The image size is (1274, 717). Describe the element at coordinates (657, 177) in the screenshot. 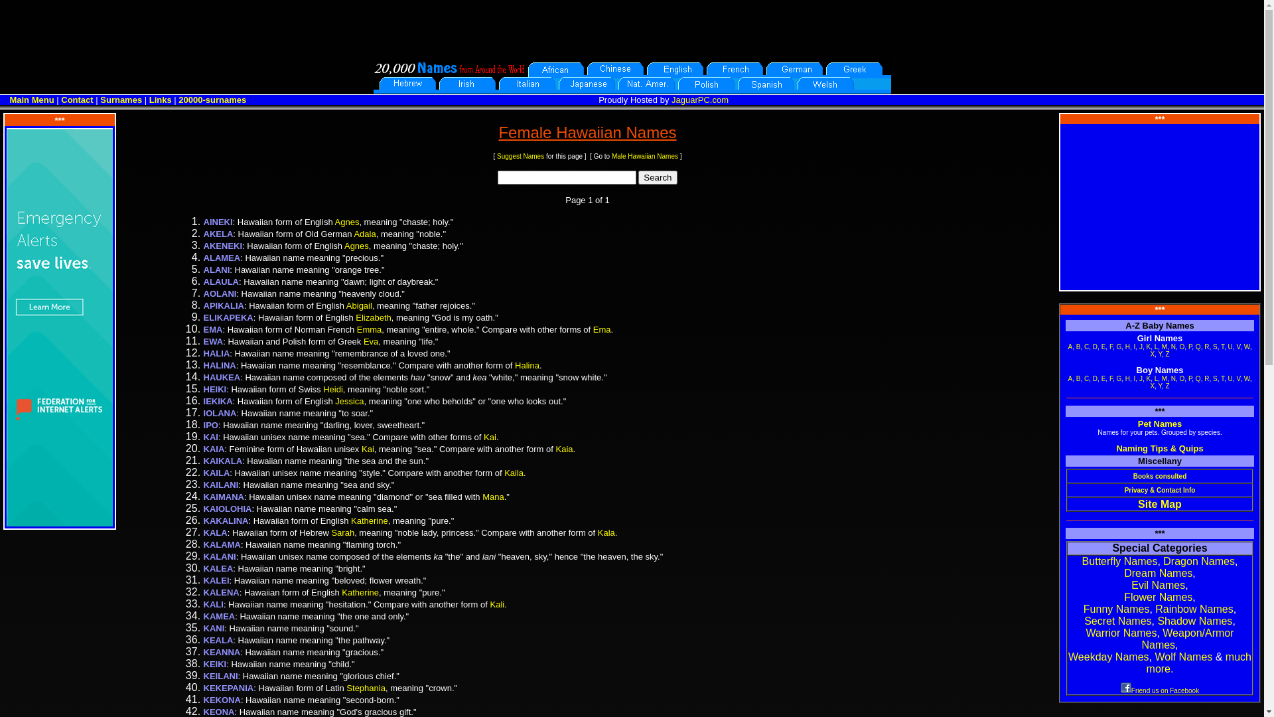

I see `'Search'` at that location.